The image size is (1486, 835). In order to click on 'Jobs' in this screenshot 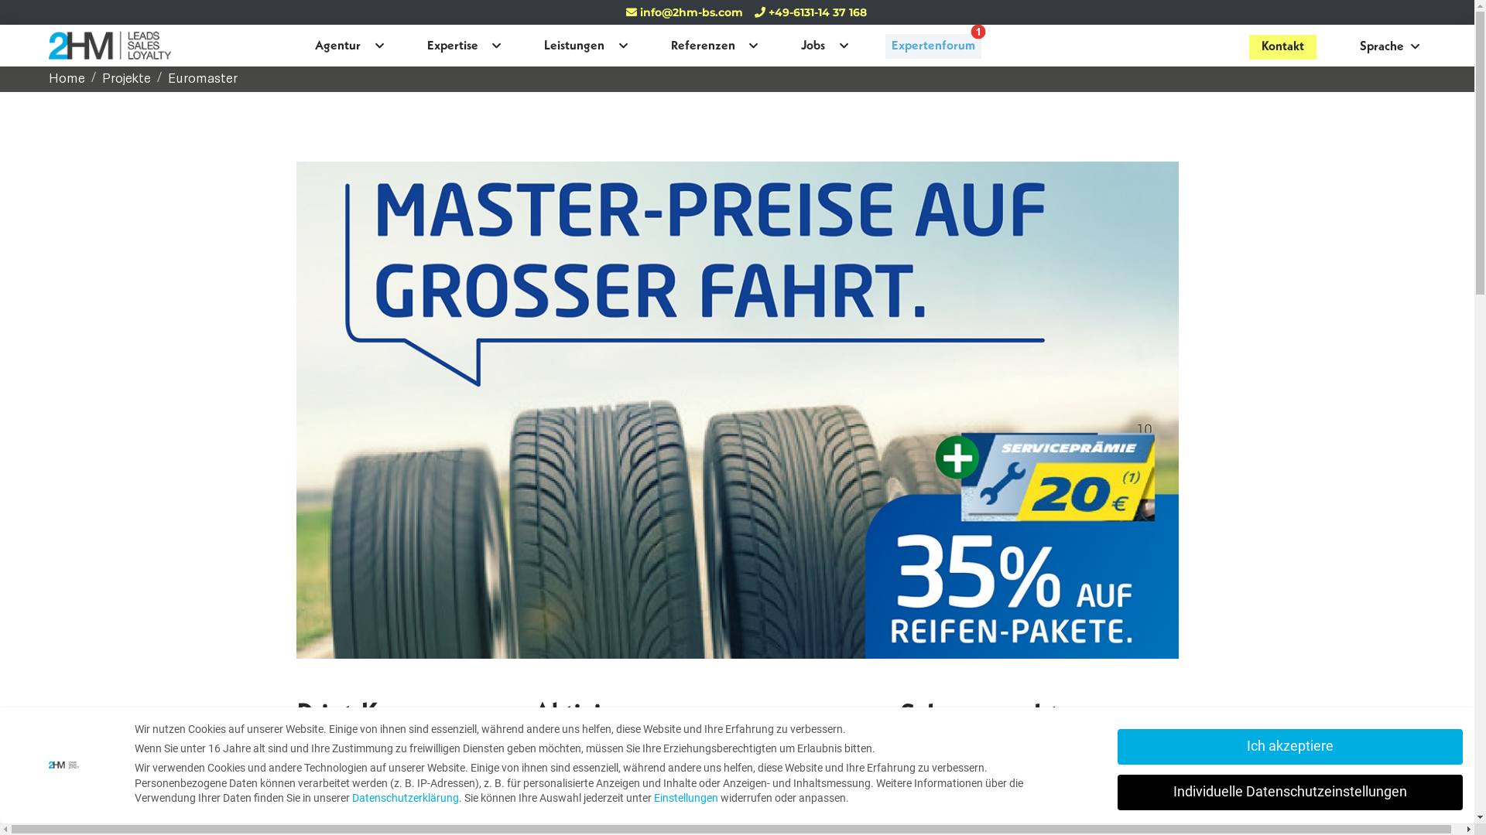, I will do `click(812, 46)`.